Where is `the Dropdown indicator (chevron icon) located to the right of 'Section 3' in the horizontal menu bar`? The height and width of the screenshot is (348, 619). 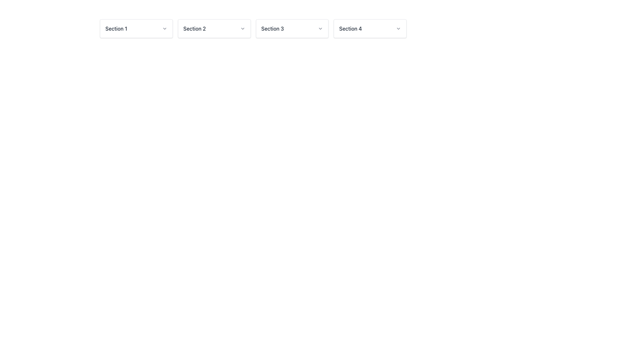
the Dropdown indicator (chevron icon) located to the right of 'Section 3' in the horizontal menu bar is located at coordinates (320, 28).